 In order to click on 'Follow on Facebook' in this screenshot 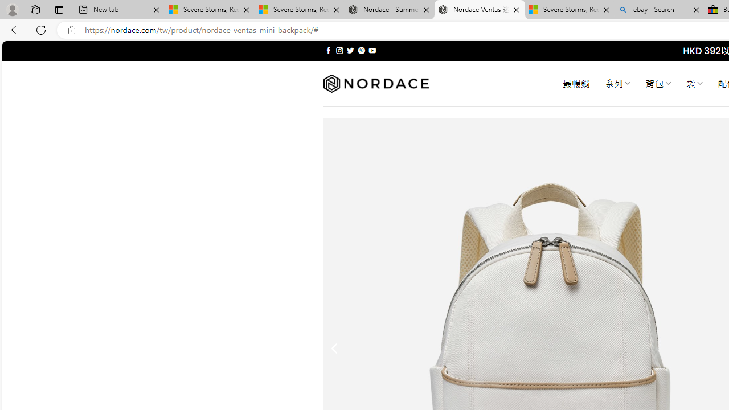, I will do `click(328, 50)`.